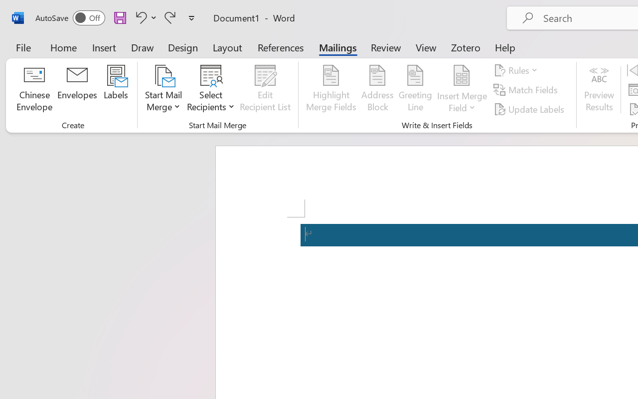 The image size is (638, 399). What do you see at coordinates (377, 89) in the screenshot?
I see `'Address Block...'` at bounding box center [377, 89].